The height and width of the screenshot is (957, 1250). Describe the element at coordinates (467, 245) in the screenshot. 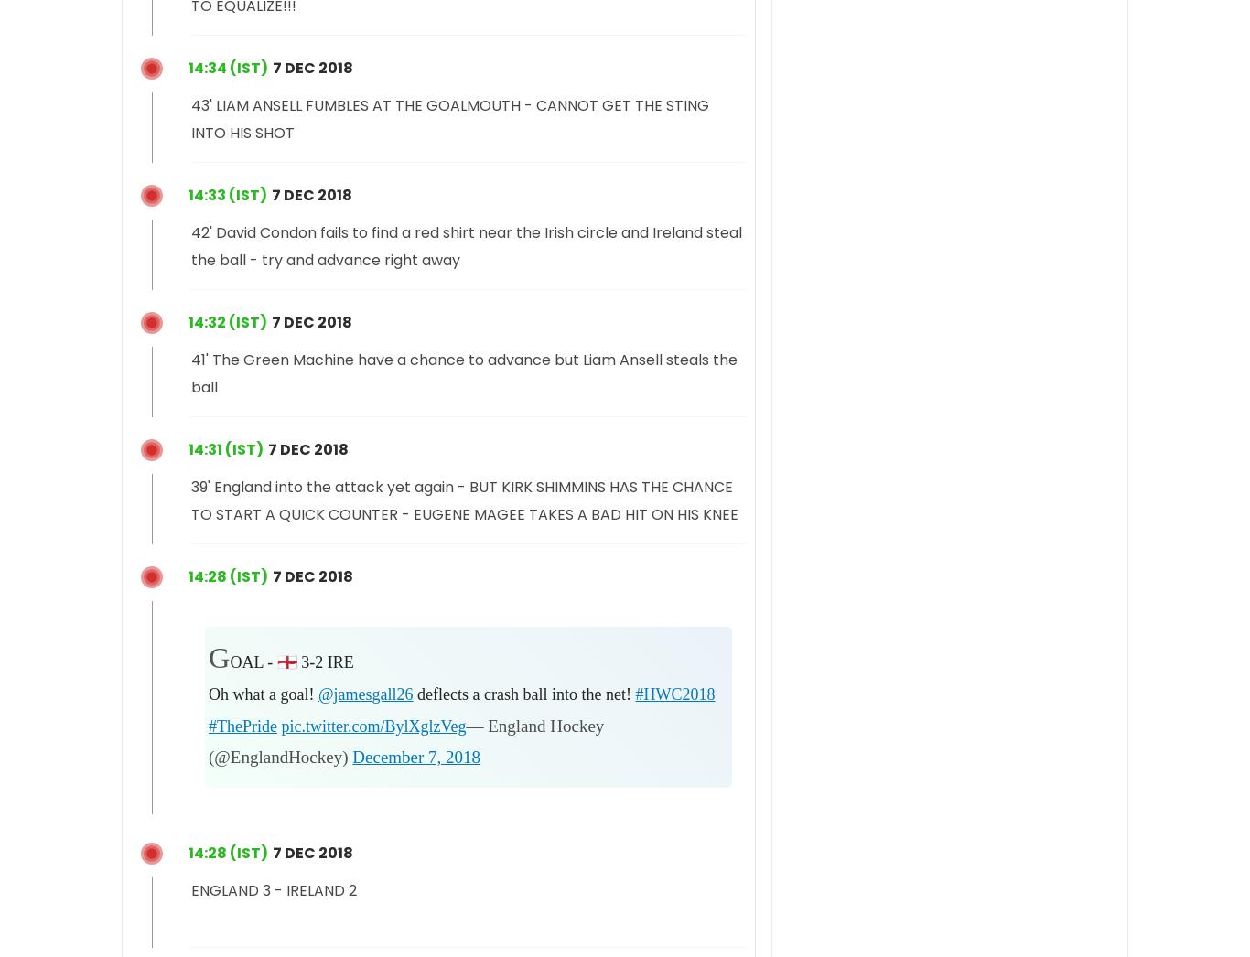

I see `'42' David Condon fails to find a red shirt near the Irish circle and Ireland steal the ball - try and advance right away'` at that location.